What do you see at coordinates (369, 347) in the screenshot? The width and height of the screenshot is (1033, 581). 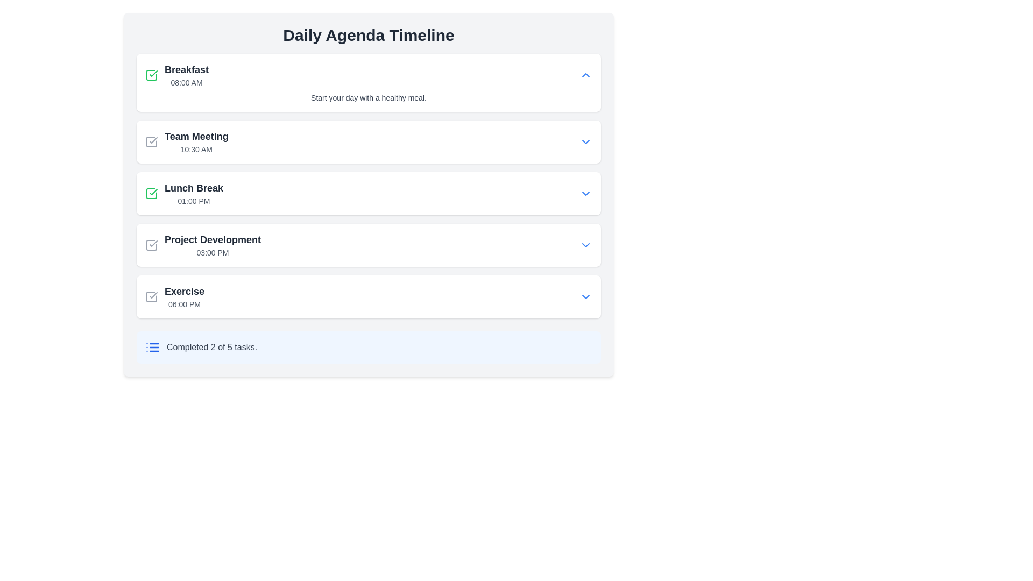 I see `task completion information from the Progress Summary Panel located at the bottom of the 'Daily Agenda Timeline' panel, which summarizes the user's progress in completing tasks` at bounding box center [369, 347].